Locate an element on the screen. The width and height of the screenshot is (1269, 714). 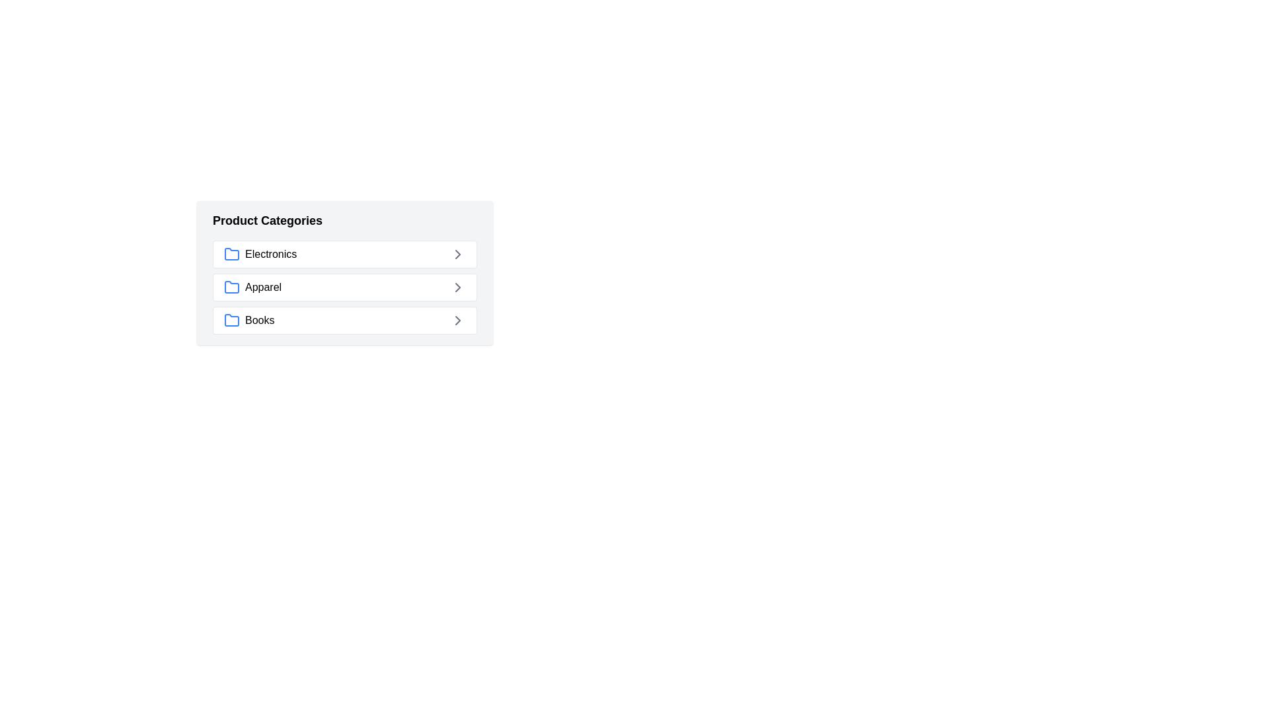
the 'Apparel' text label, which is located in the second row of a vertical list of items, adjacent to a blue folder icon on its left is located at coordinates (263, 287).